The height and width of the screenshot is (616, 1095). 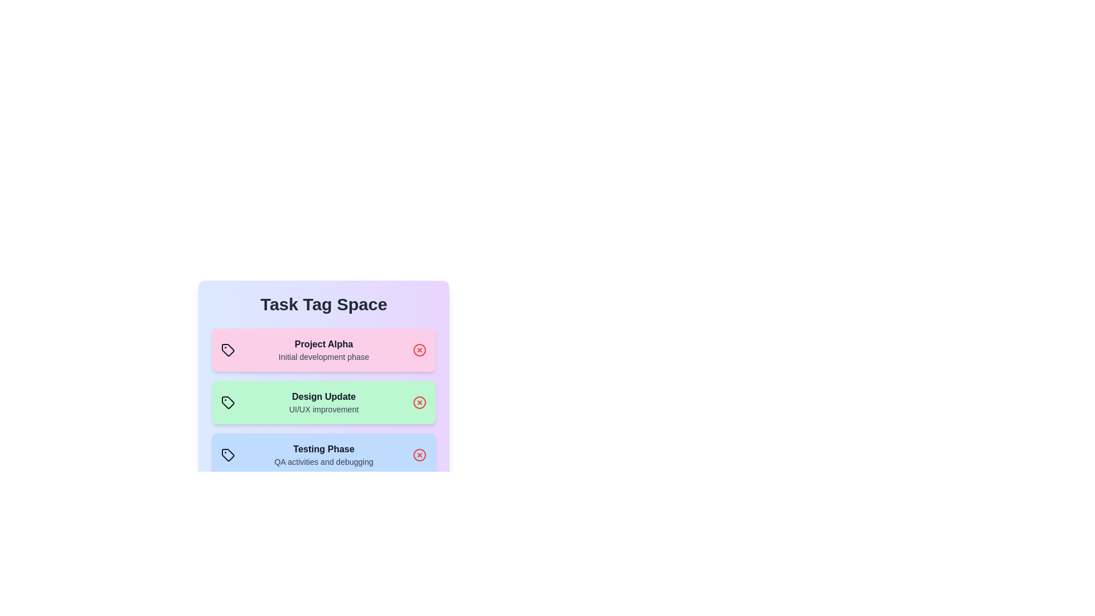 I want to click on the tag icon corresponding to Testing Phase to highlight it, so click(x=228, y=455).